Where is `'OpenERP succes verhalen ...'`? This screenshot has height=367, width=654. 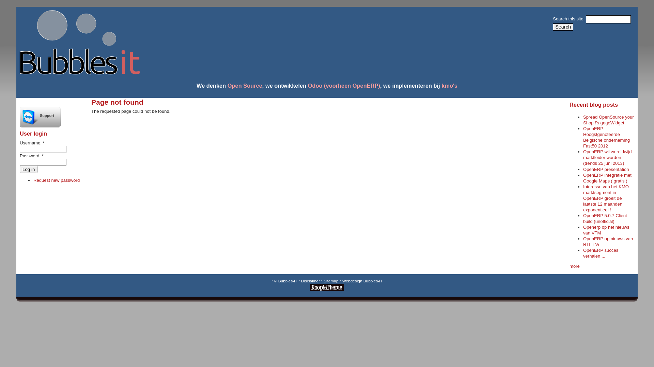
'OpenERP succes verhalen ...' is located at coordinates (583, 253).